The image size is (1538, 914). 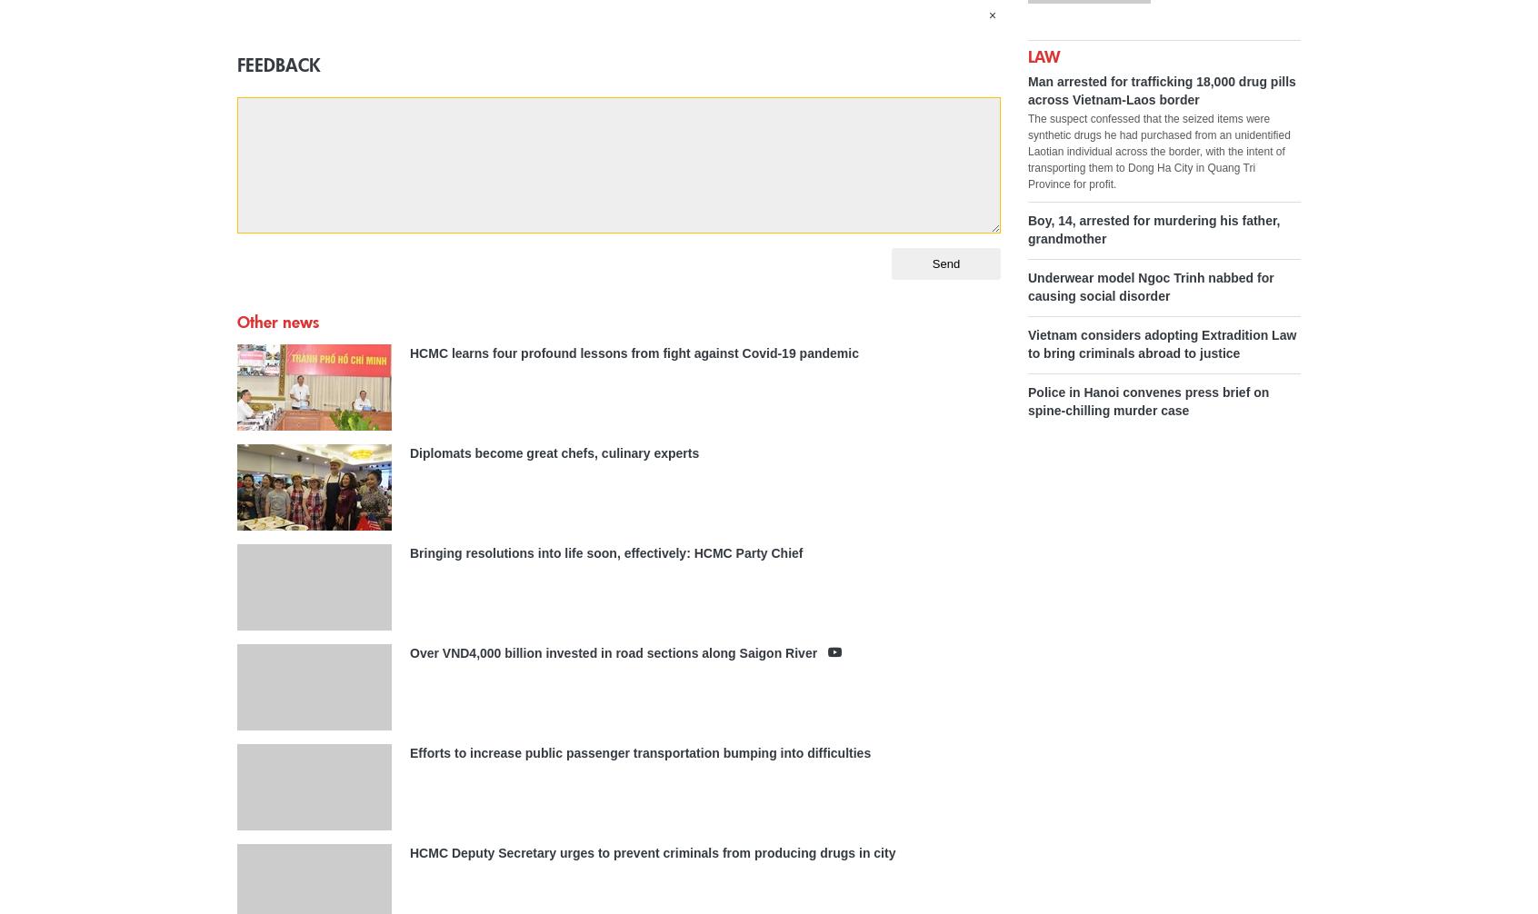 I want to click on 'Over VND4,000 billion invested in road sections along Saigon River', so click(x=408, y=651).